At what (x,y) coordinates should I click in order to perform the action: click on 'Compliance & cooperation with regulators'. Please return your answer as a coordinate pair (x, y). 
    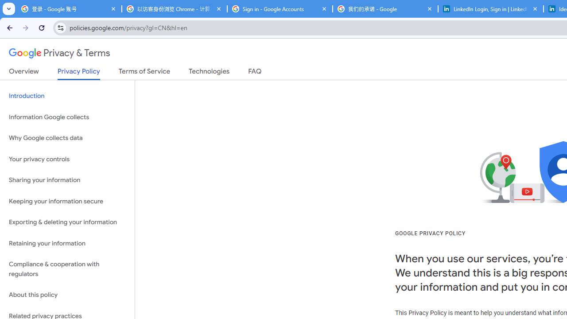
    Looking at the image, I should click on (67, 269).